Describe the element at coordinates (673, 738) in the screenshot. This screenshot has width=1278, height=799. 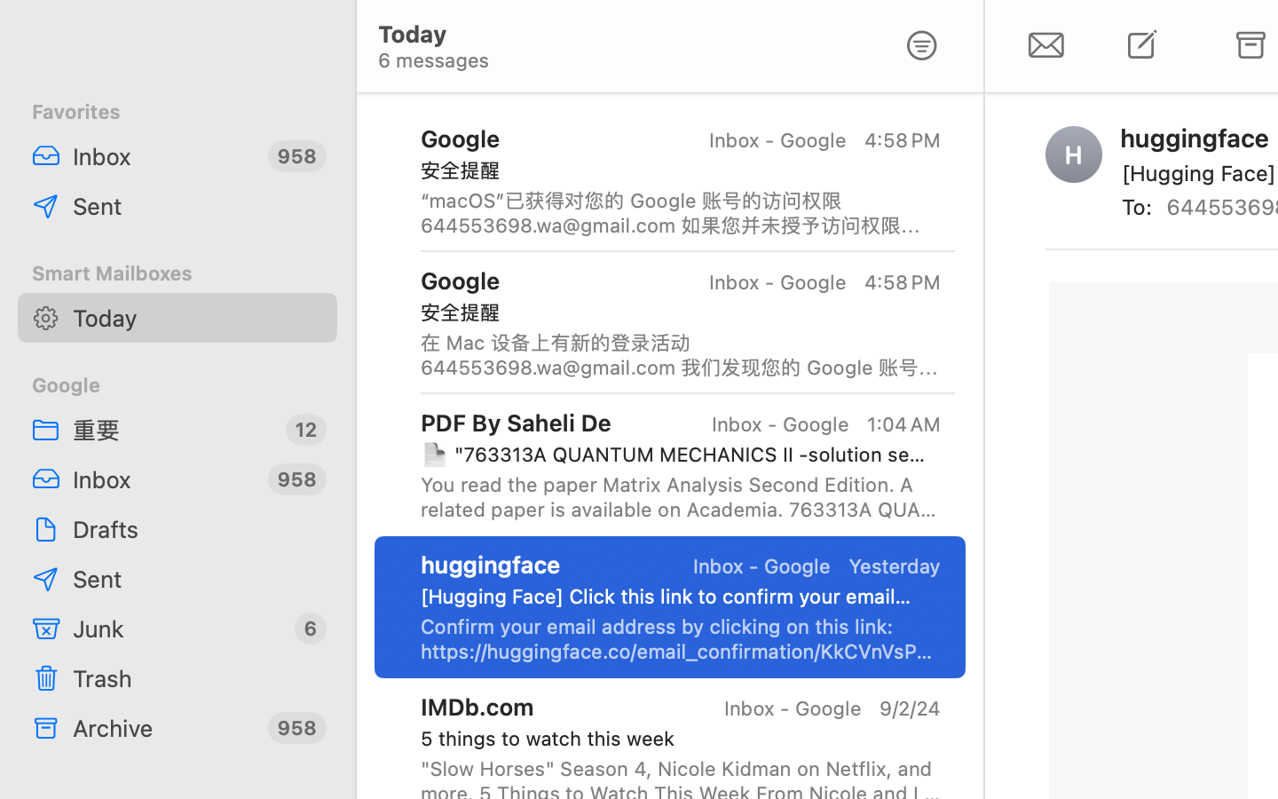
I see `'5 things to watch this week'` at that location.